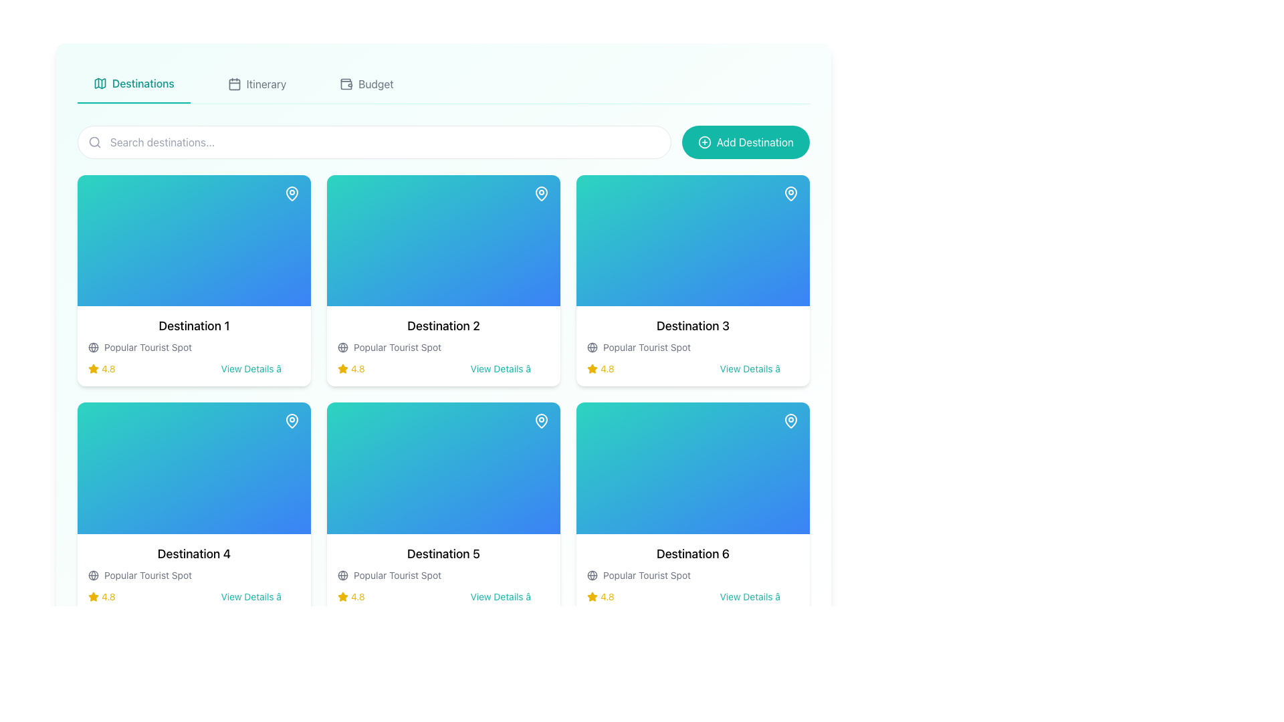  Describe the element at coordinates (101, 596) in the screenshot. I see `the Rating indicator, which consists of a yellow star icon and the numerical text '4.8', located under the 'Destination 4' card in the 'Popular Tourist Spot' section` at that location.